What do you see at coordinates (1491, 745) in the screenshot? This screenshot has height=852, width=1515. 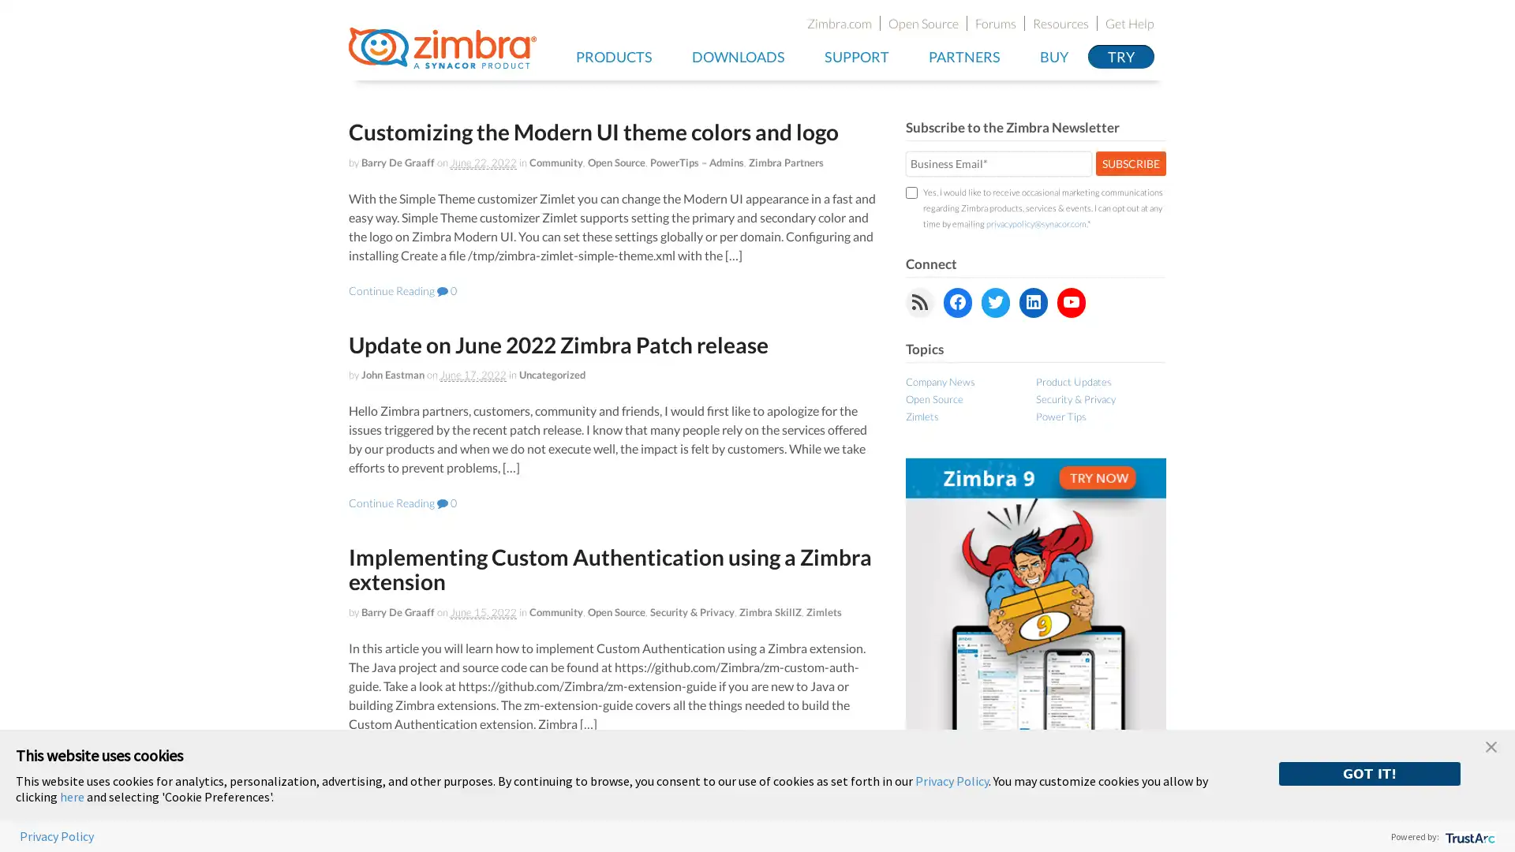 I see `close banner` at bounding box center [1491, 745].